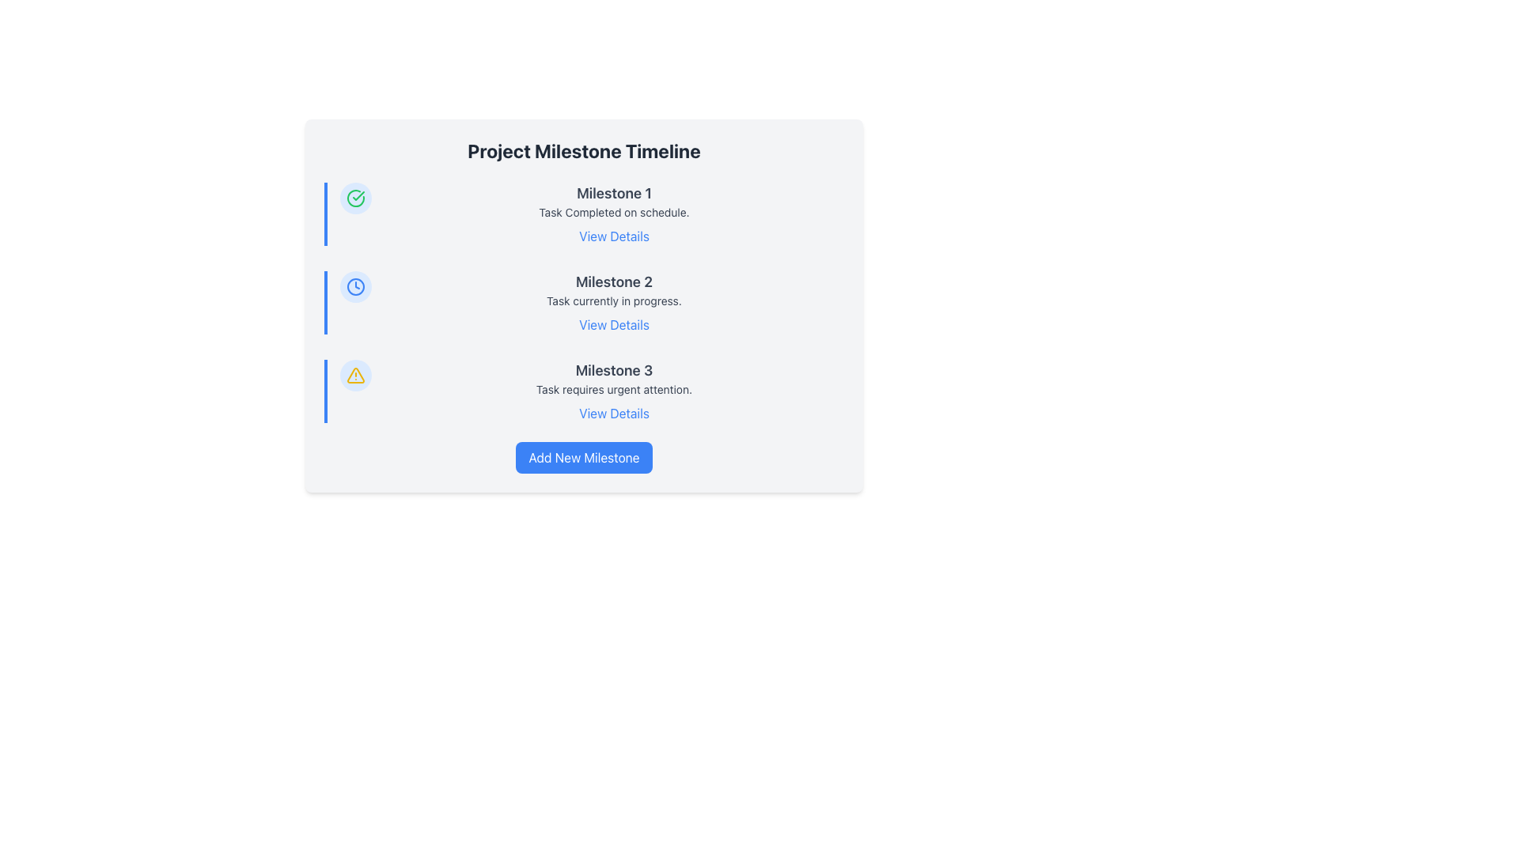 The width and height of the screenshot is (1519, 854). I want to click on the text label displaying 'Milestone 1', which is styled in bold and larger font, positioned at the top of the milestone's descriptive block, so click(613, 193).